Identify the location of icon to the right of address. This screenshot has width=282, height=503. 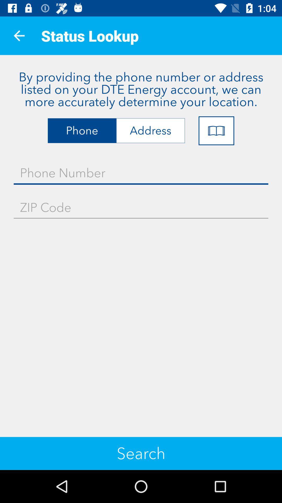
(216, 131).